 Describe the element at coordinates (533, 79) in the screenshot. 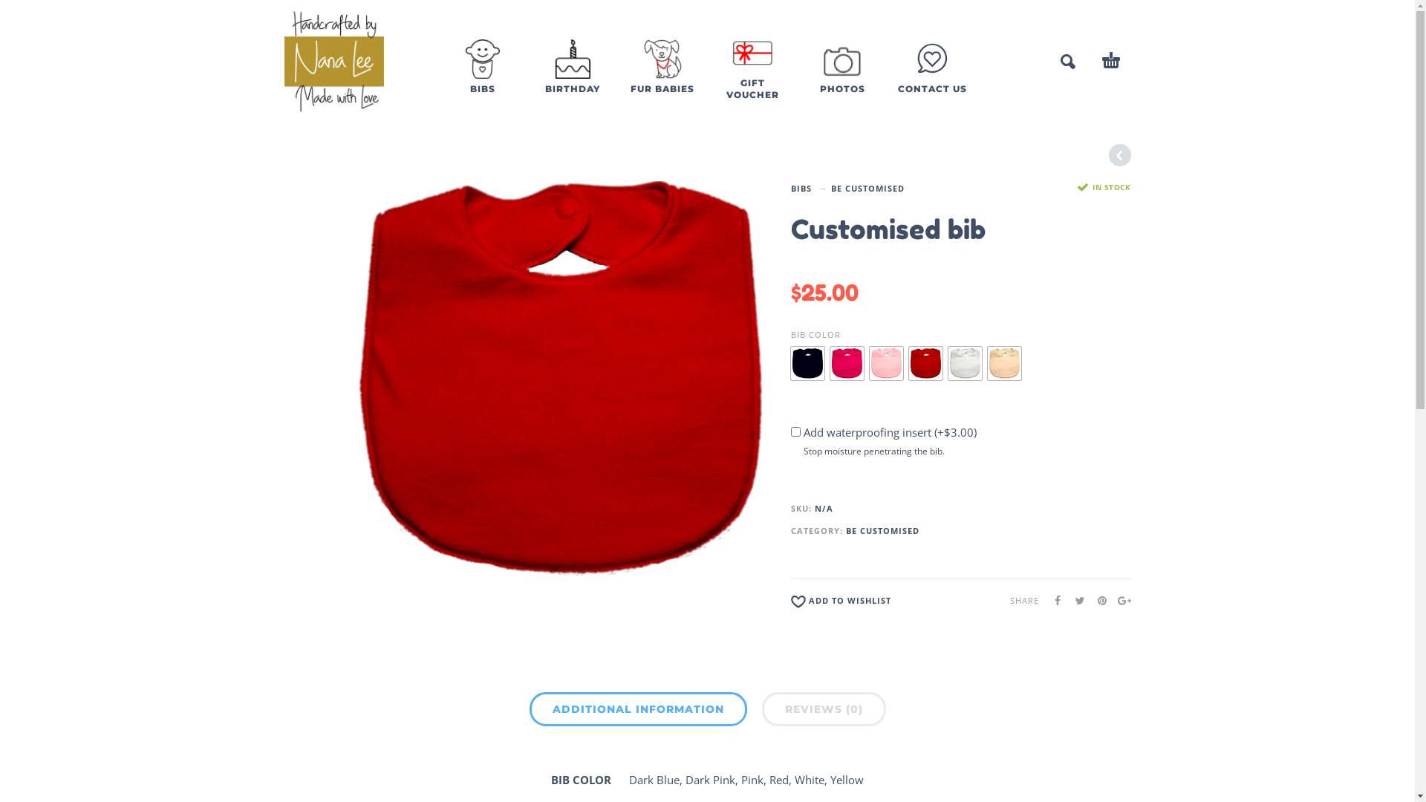

I see `'BIRTHDAY'` at that location.